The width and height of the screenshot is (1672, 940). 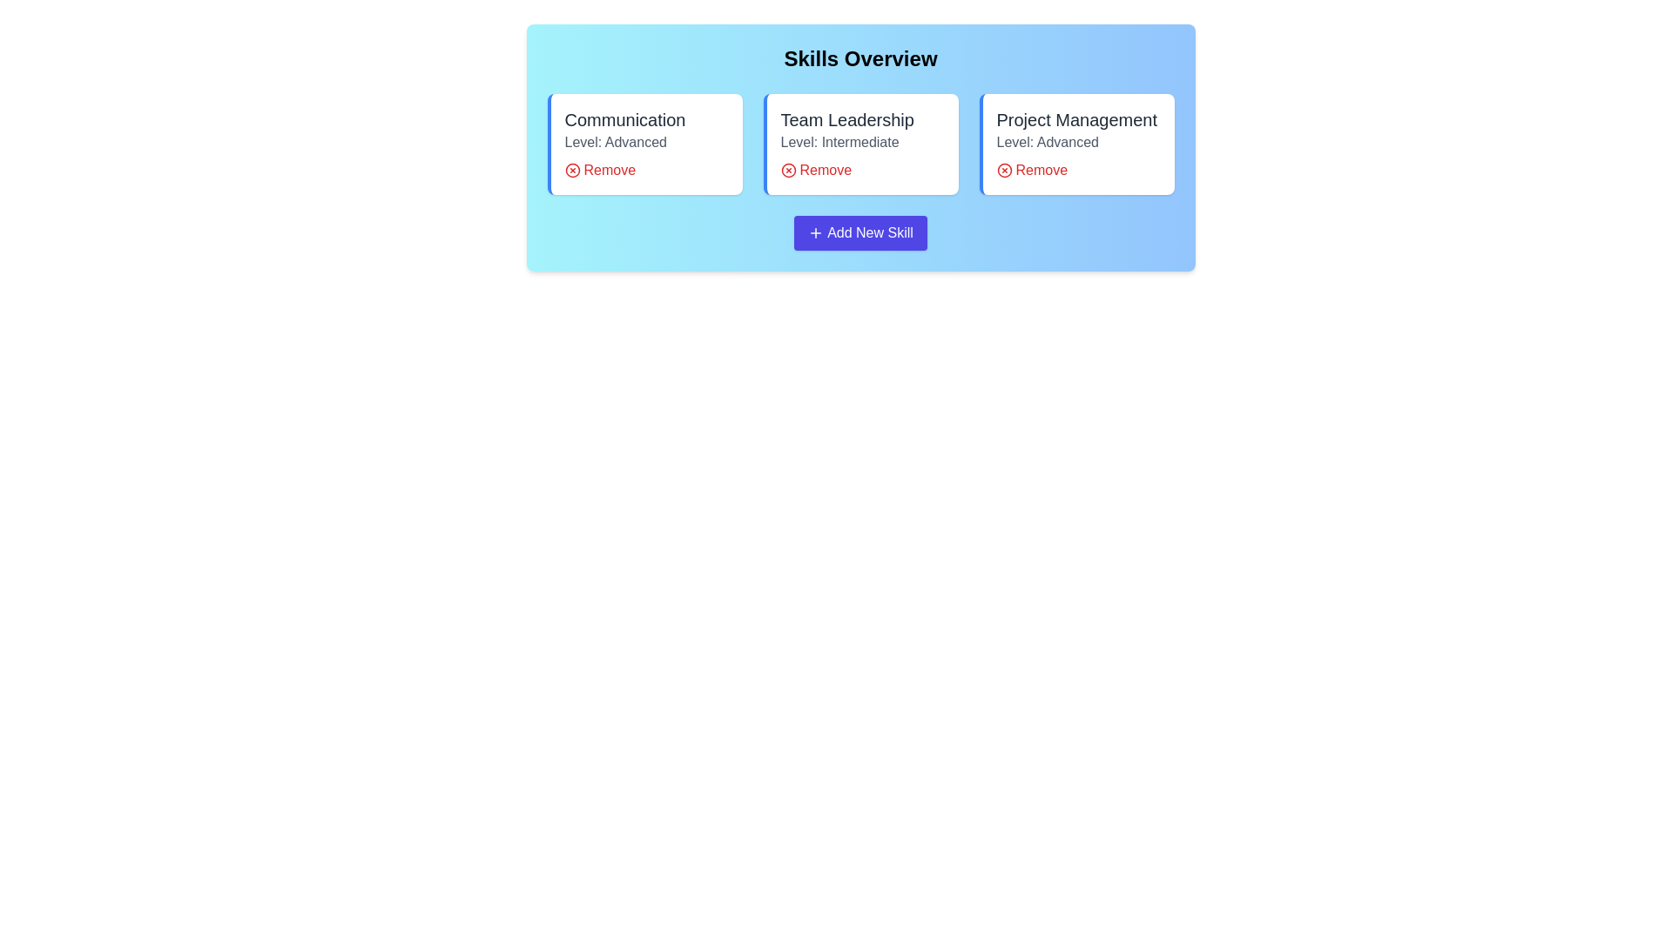 I want to click on the 'Skills Overview' heading, so click(x=860, y=58).